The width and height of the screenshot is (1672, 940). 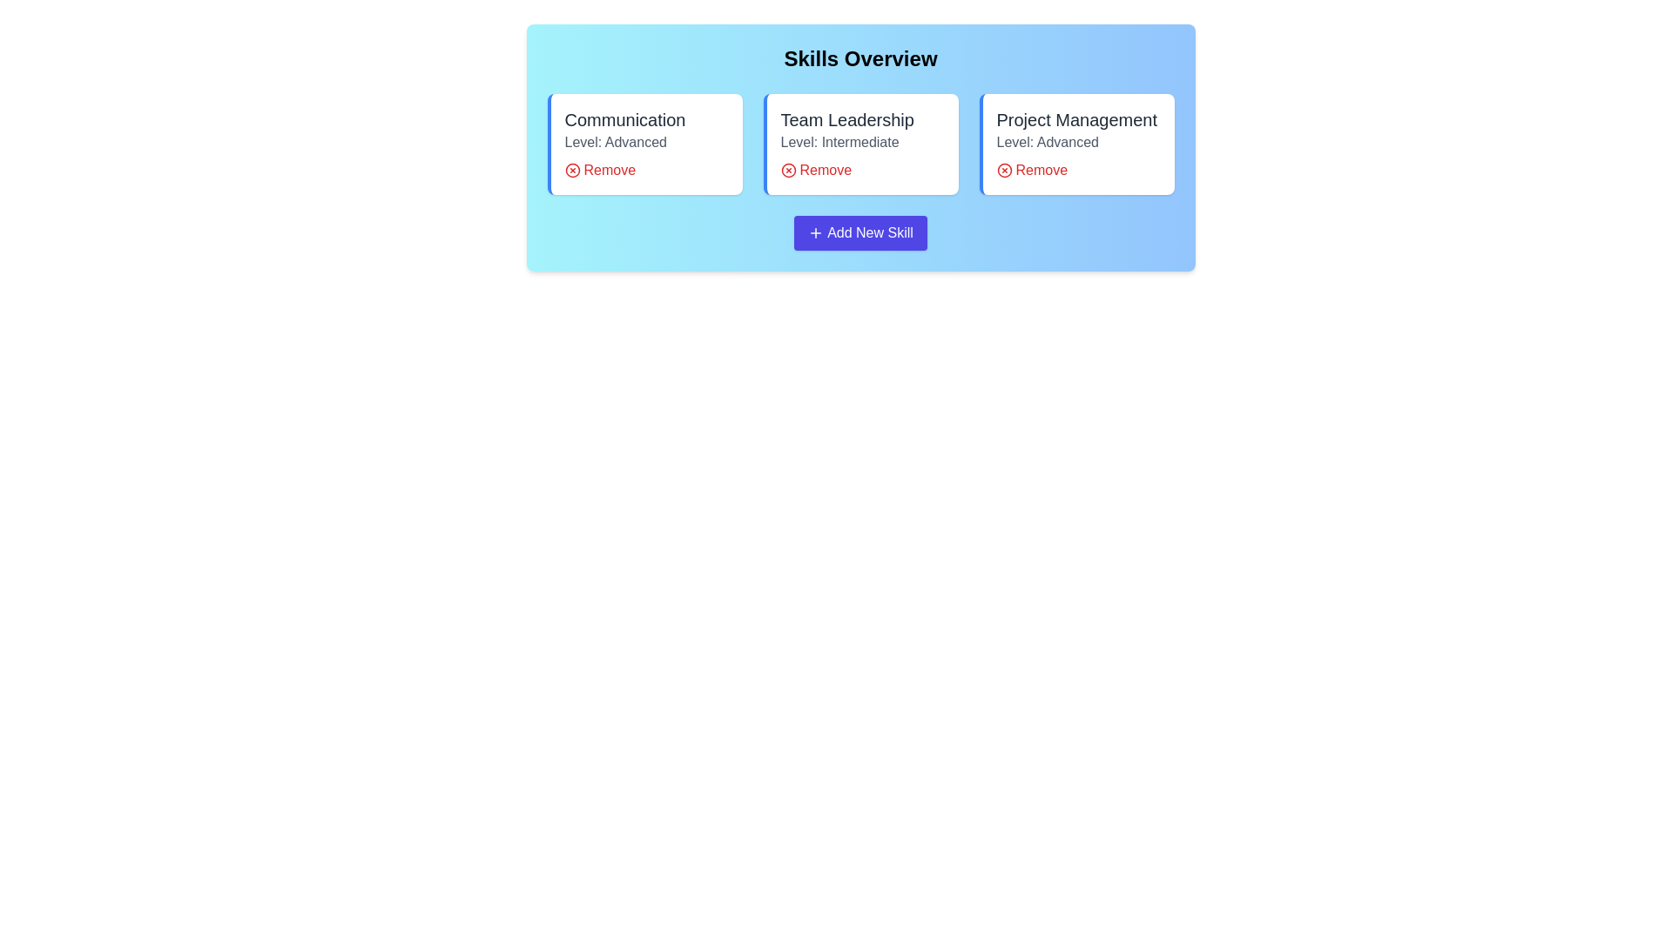 I want to click on the 'Skills Overview' heading, so click(x=860, y=58).